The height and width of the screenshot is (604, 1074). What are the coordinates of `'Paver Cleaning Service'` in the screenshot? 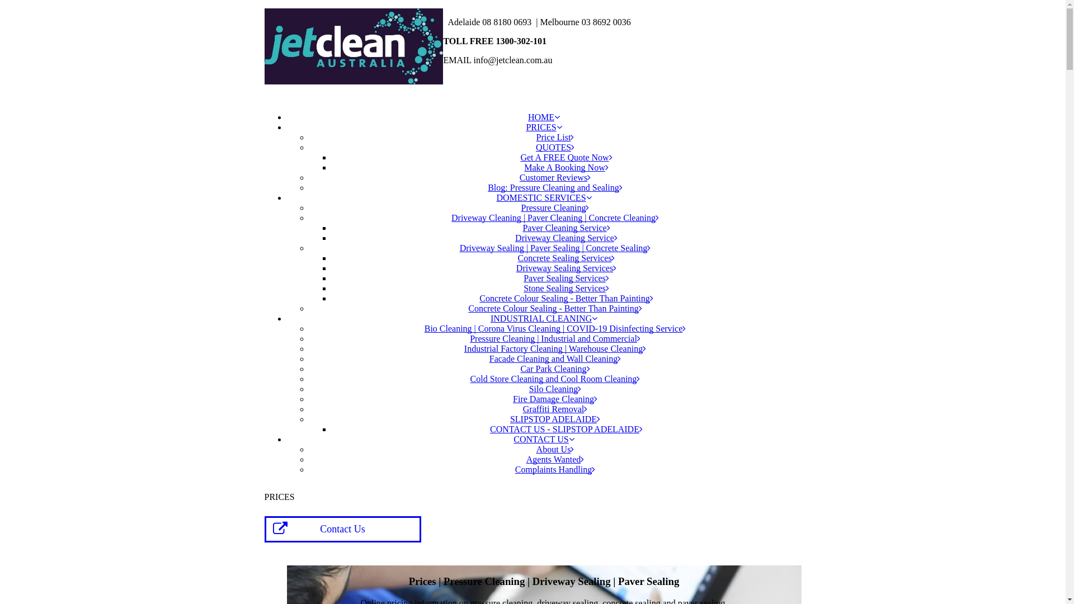 It's located at (566, 227).